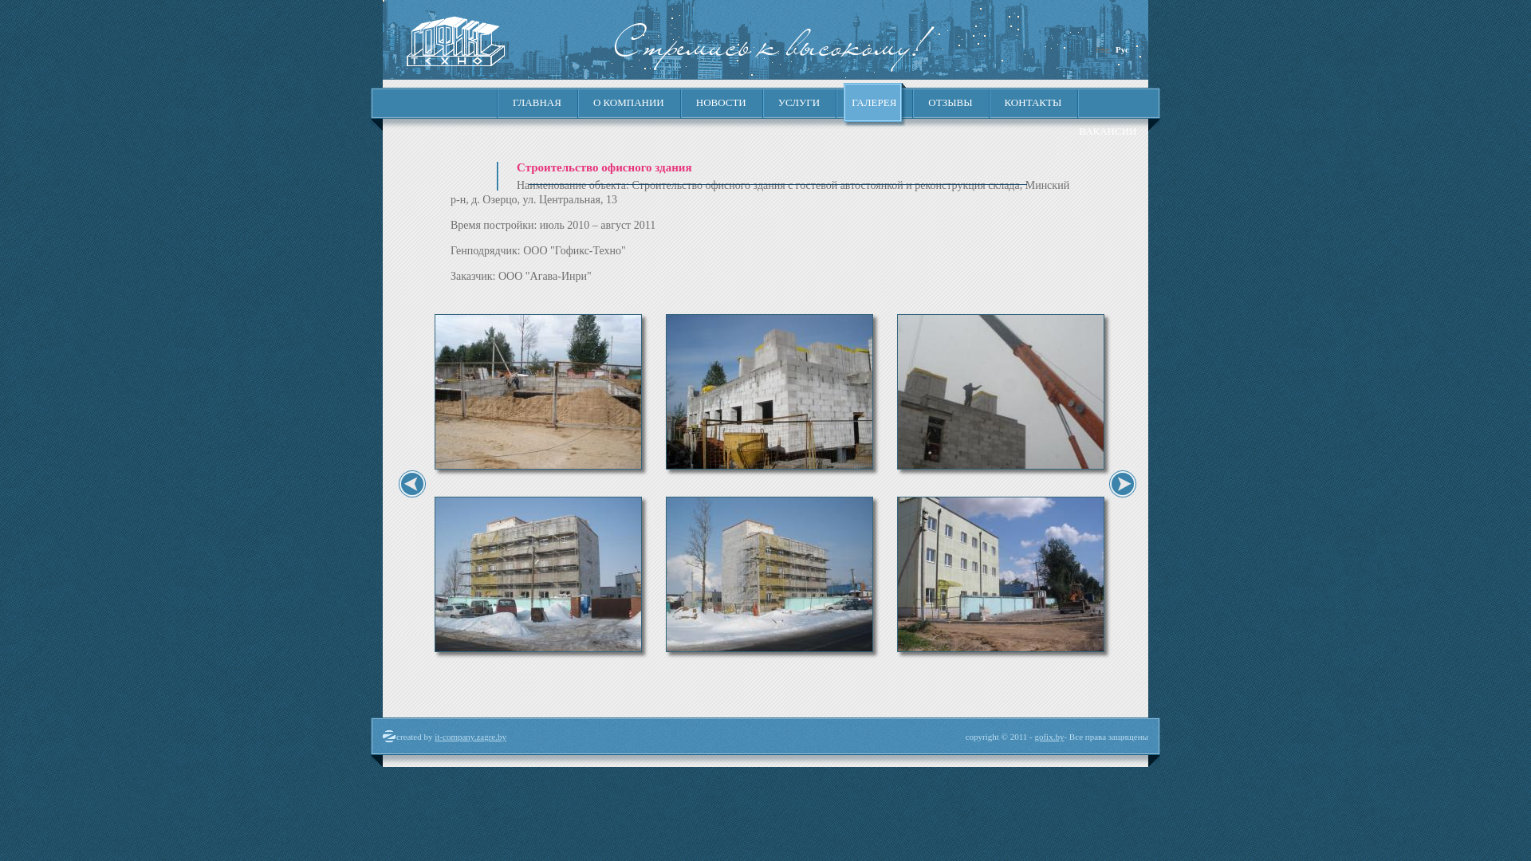 The width and height of the screenshot is (1531, 861). What do you see at coordinates (1049, 737) in the screenshot?
I see `'gofix.by'` at bounding box center [1049, 737].